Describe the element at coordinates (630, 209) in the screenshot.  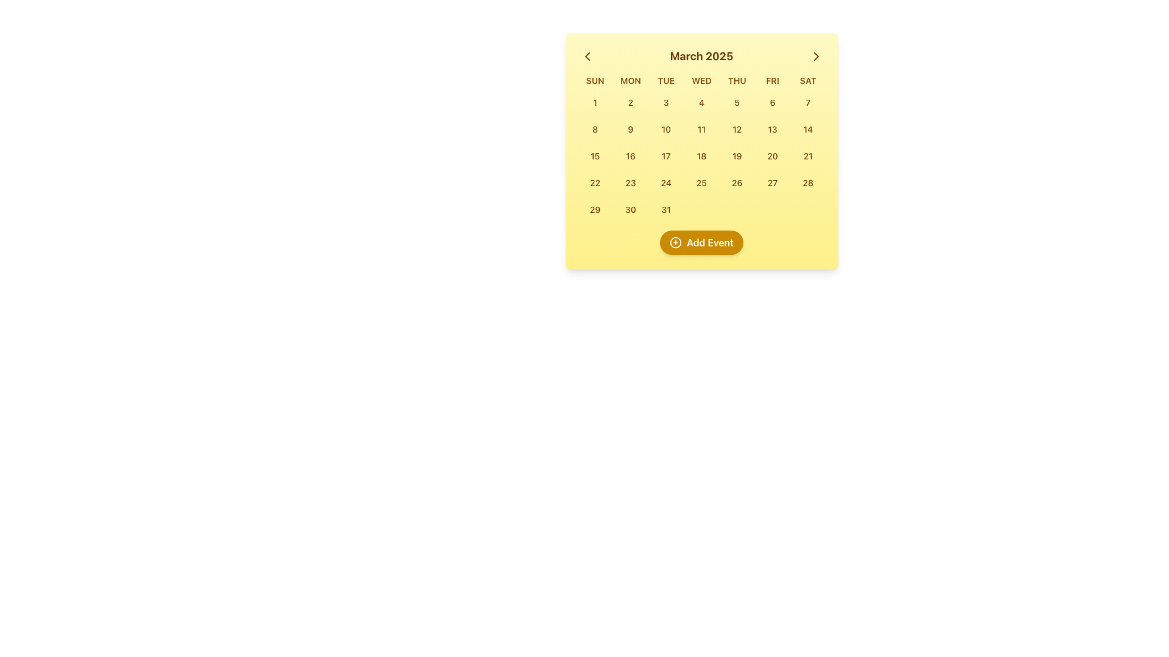
I see `the Date Cell displaying '30' in the seventh row and second column of the March 2025 calendar` at that location.